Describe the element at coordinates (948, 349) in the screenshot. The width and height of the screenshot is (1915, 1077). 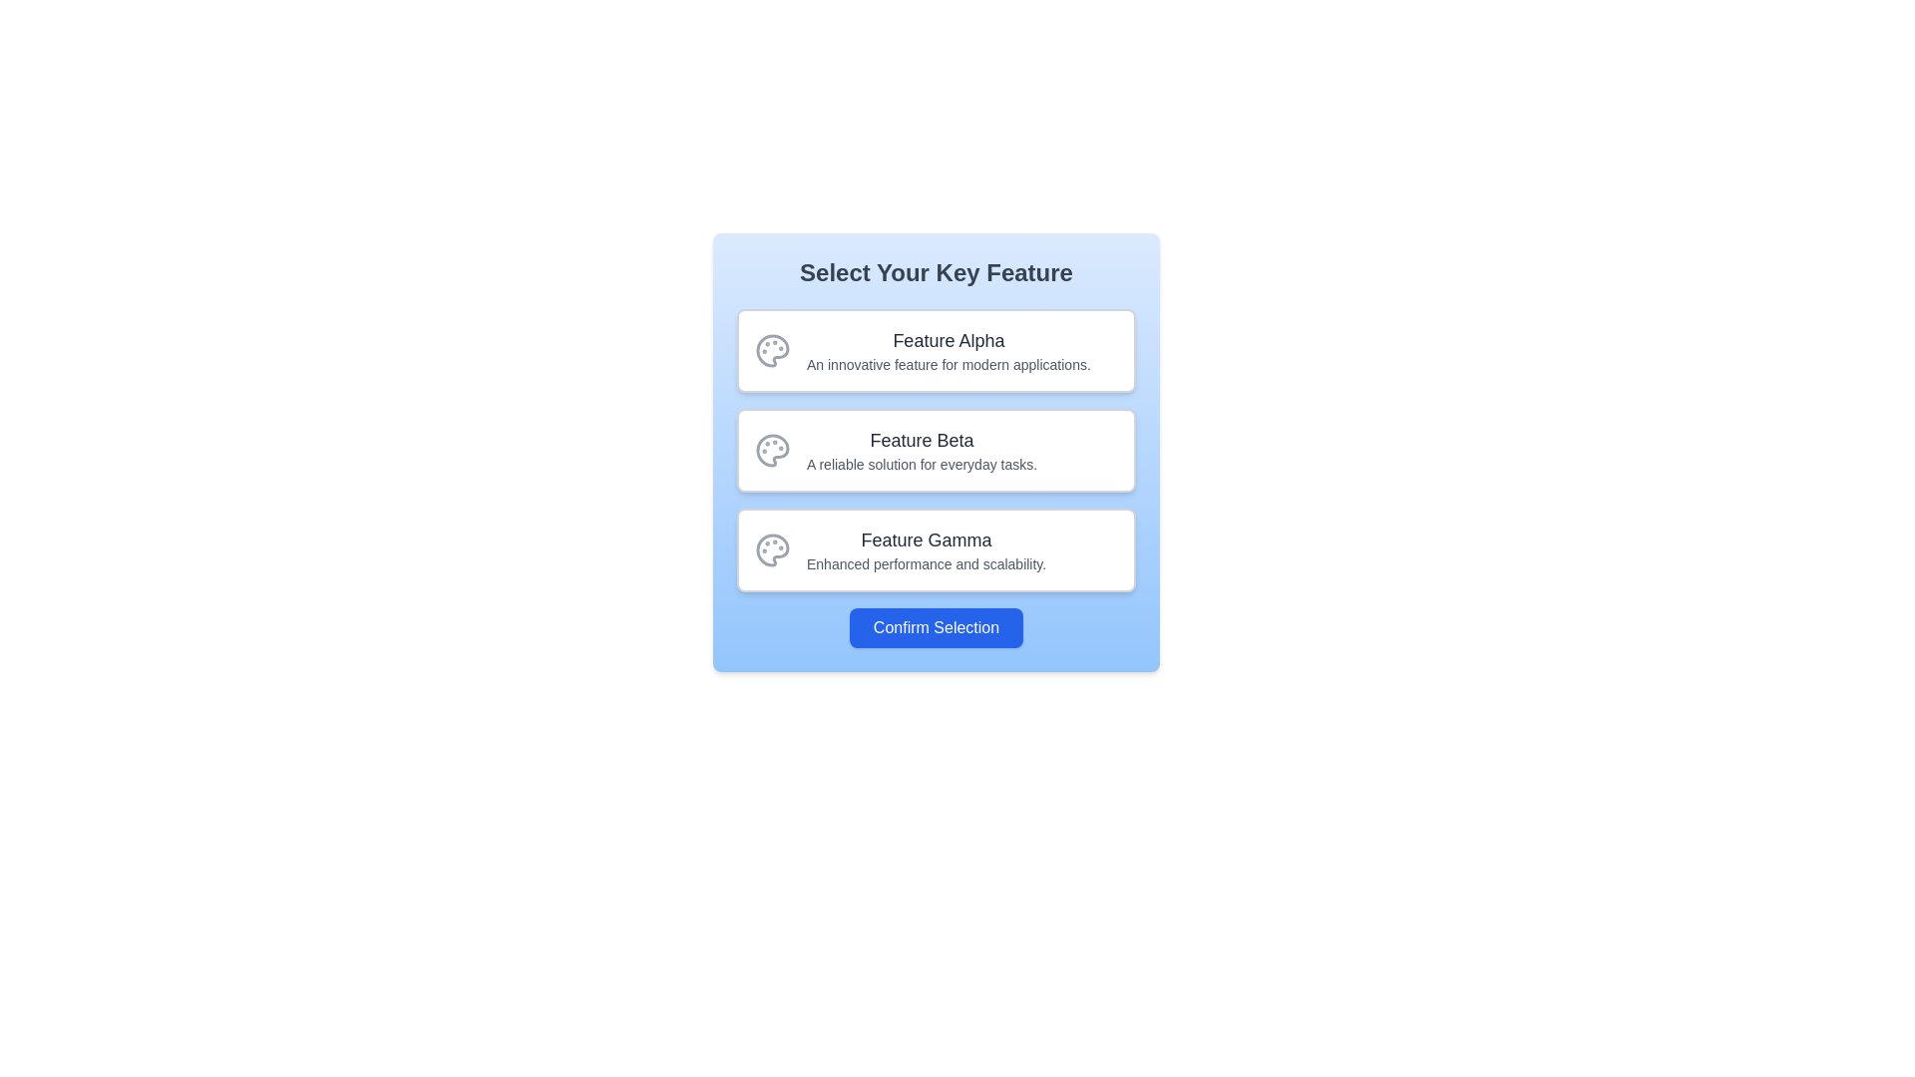
I see `the list item titled 'Feature Alpha'` at that location.